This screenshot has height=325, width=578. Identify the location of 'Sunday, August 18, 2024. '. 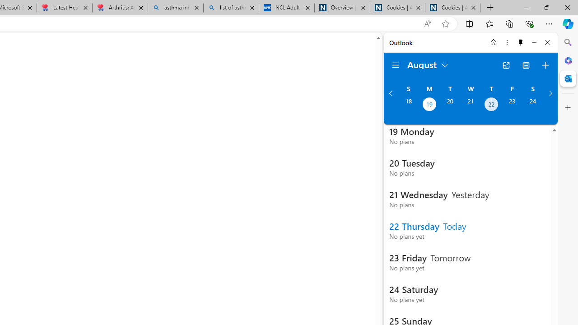
(408, 105).